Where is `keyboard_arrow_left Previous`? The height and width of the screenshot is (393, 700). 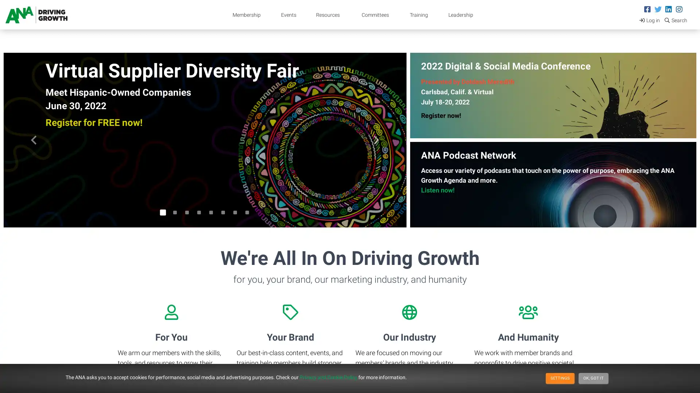
keyboard_arrow_left Previous is located at coordinates (33, 140).